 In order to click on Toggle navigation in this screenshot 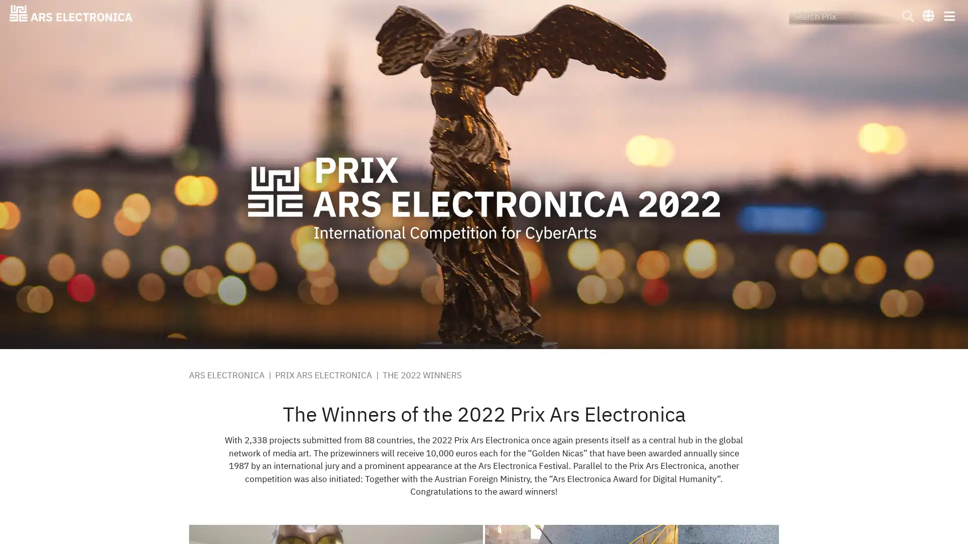, I will do `click(948, 15)`.